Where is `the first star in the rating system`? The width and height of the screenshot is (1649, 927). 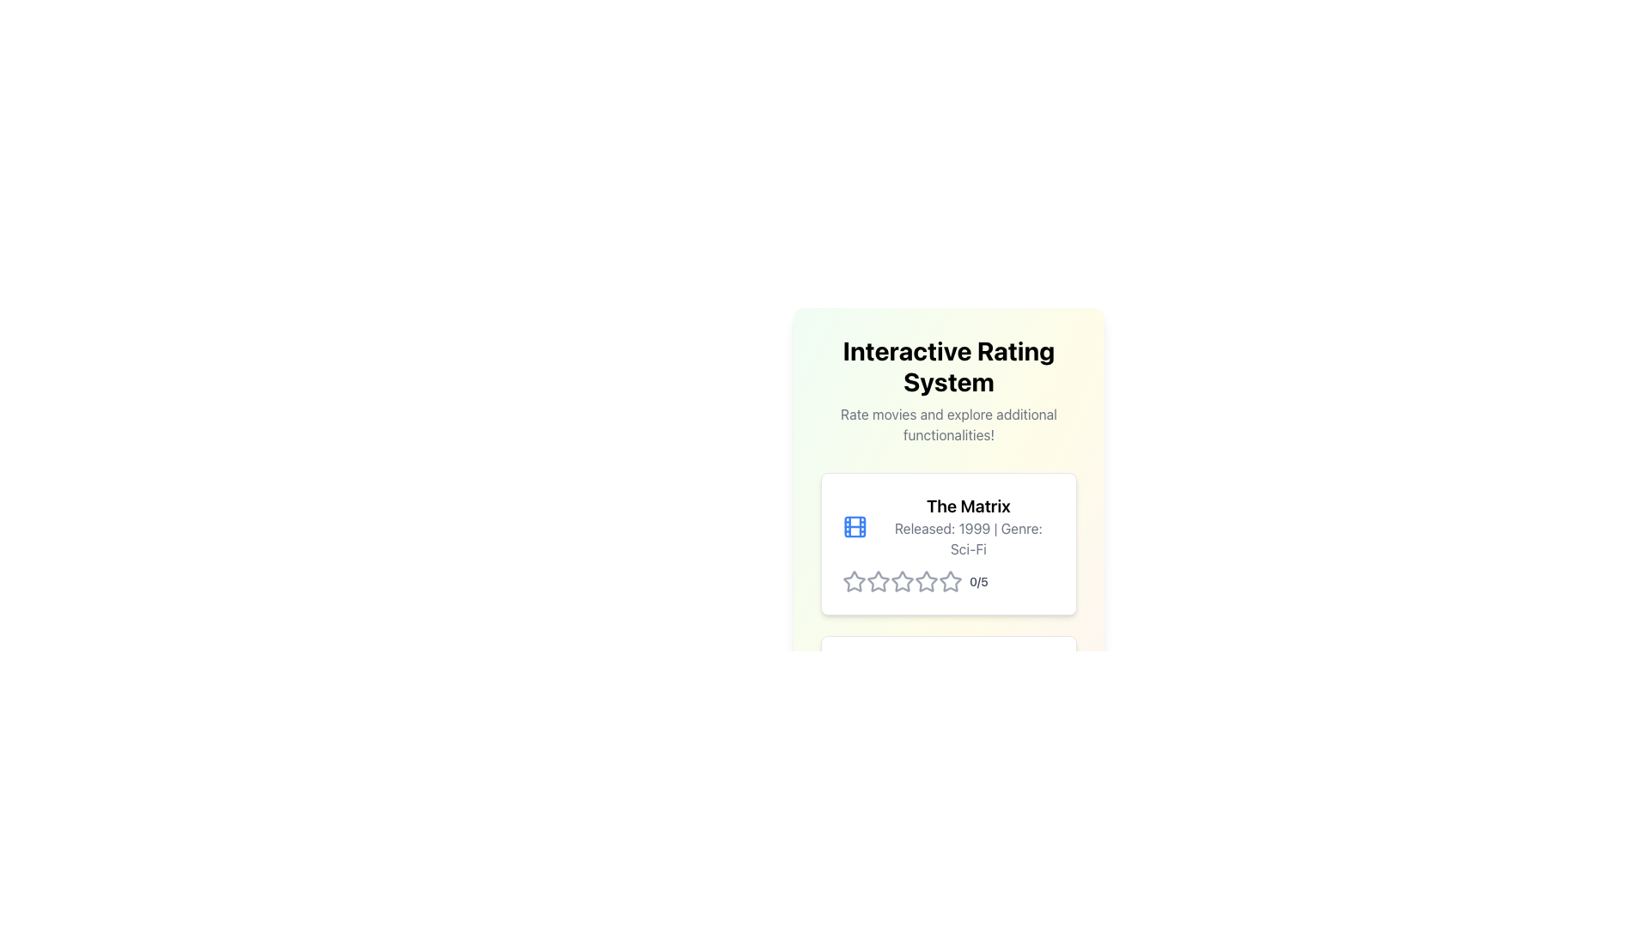 the first star in the rating system is located at coordinates (878, 580).